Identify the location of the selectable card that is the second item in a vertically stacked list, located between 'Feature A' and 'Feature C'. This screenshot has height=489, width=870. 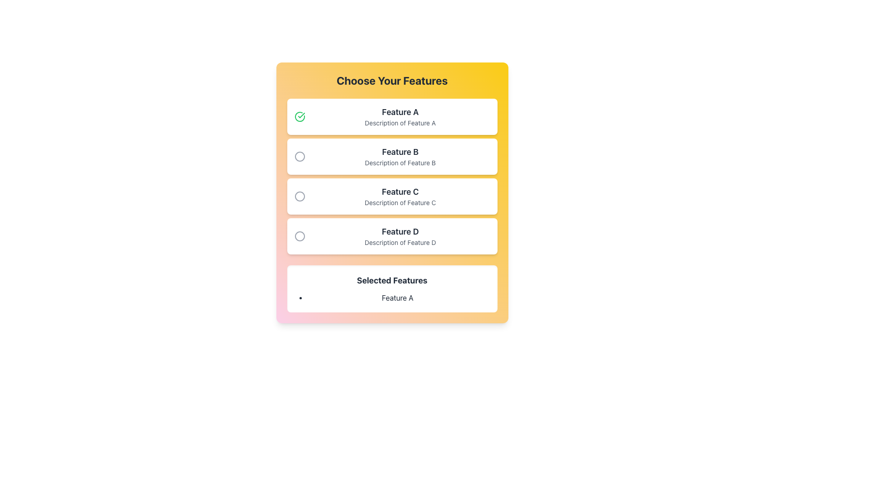
(392, 156).